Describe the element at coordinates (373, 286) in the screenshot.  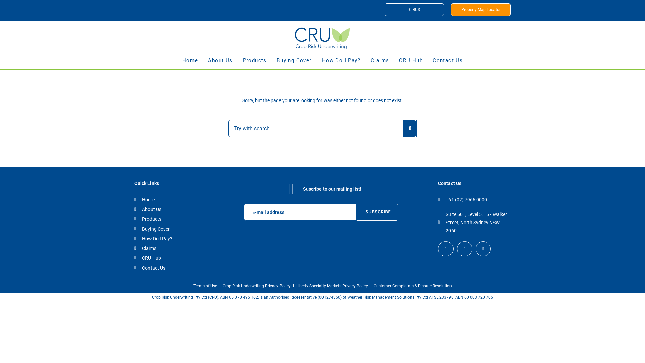
I see `'Customer Complaints & Dispute Resolution'` at that location.